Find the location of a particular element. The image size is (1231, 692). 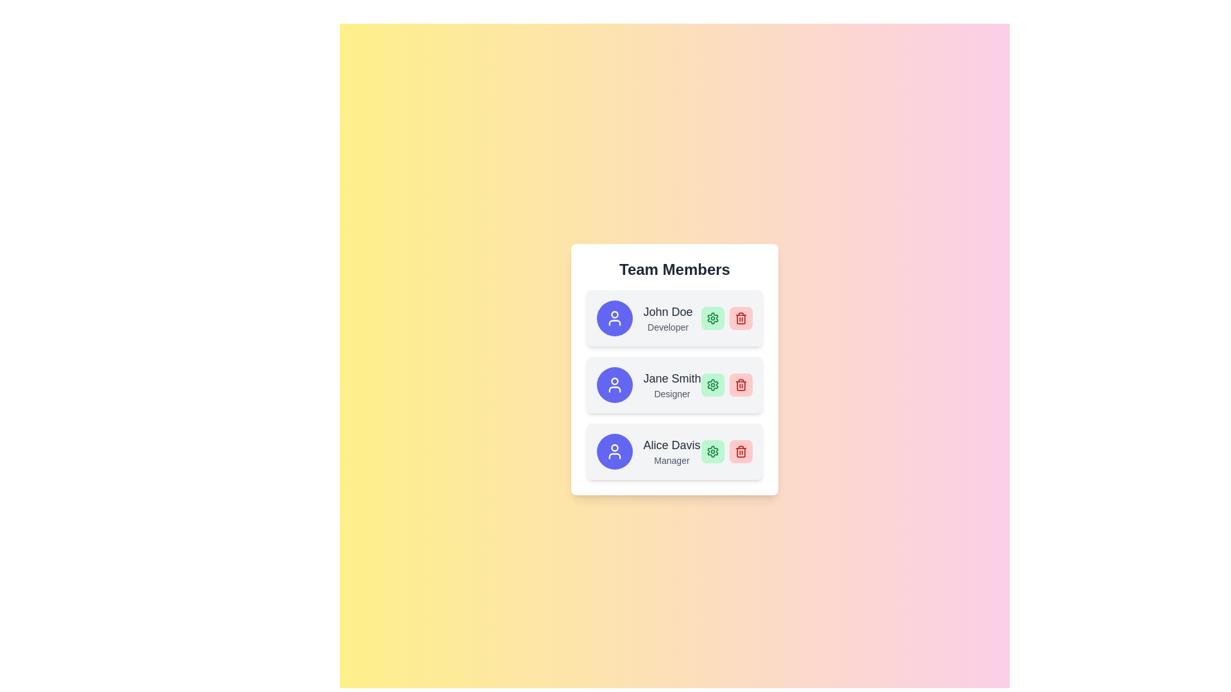

text label displaying 'John Doe' in bold black letters and 'Developer' in smaller gray text, located in the topmost section of the 'Team Members' list, following the circular icon and preceding two action buttons is located at coordinates (667, 318).